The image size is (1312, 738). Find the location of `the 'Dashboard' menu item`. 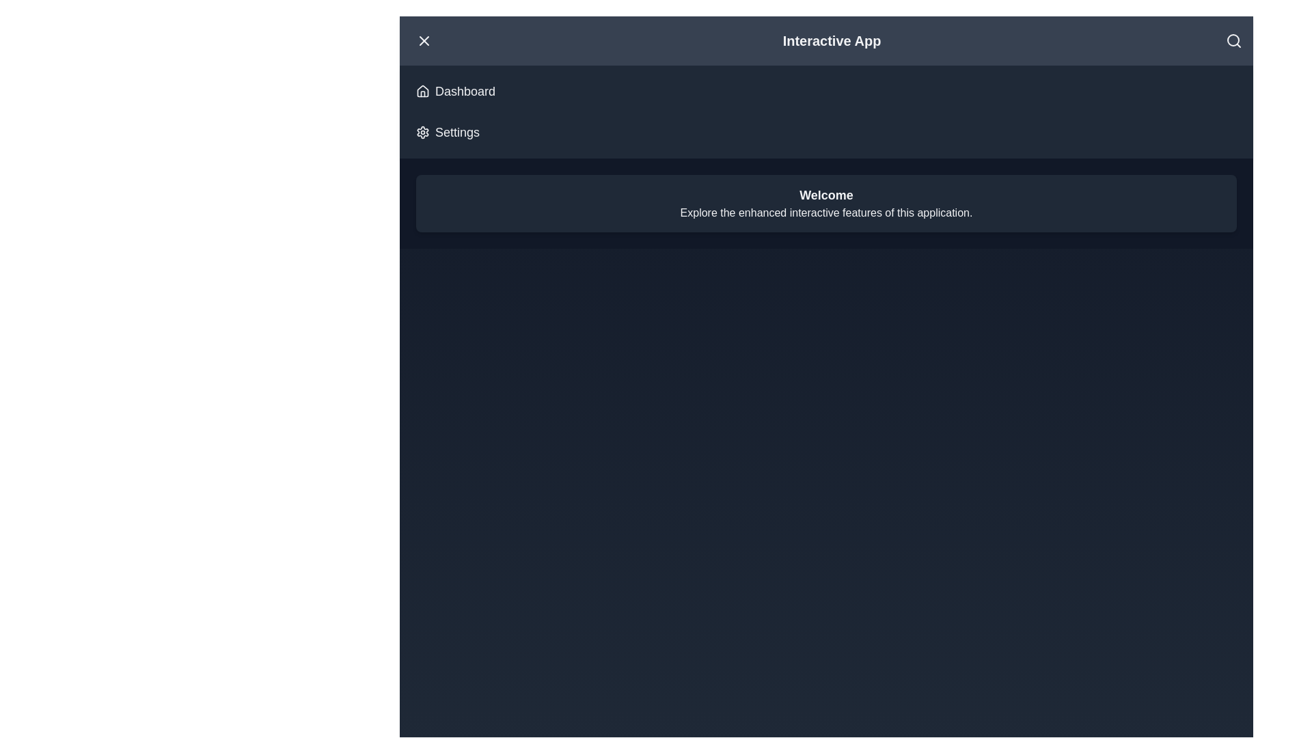

the 'Dashboard' menu item is located at coordinates (456, 92).